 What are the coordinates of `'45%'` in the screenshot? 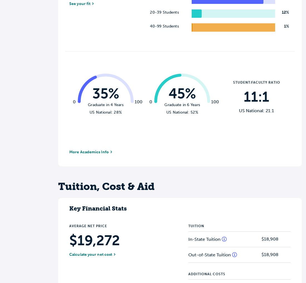 It's located at (168, 93).